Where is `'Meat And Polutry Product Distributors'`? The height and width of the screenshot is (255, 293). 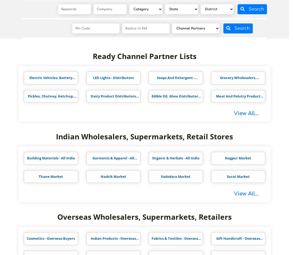
'Meat And Polutry Product Distributors' is located at coordinates (215, 98).